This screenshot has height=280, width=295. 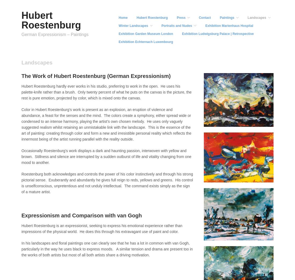 I want to click on 'Exhibition Echternach Luxembourg', so click(x=146, y=42).